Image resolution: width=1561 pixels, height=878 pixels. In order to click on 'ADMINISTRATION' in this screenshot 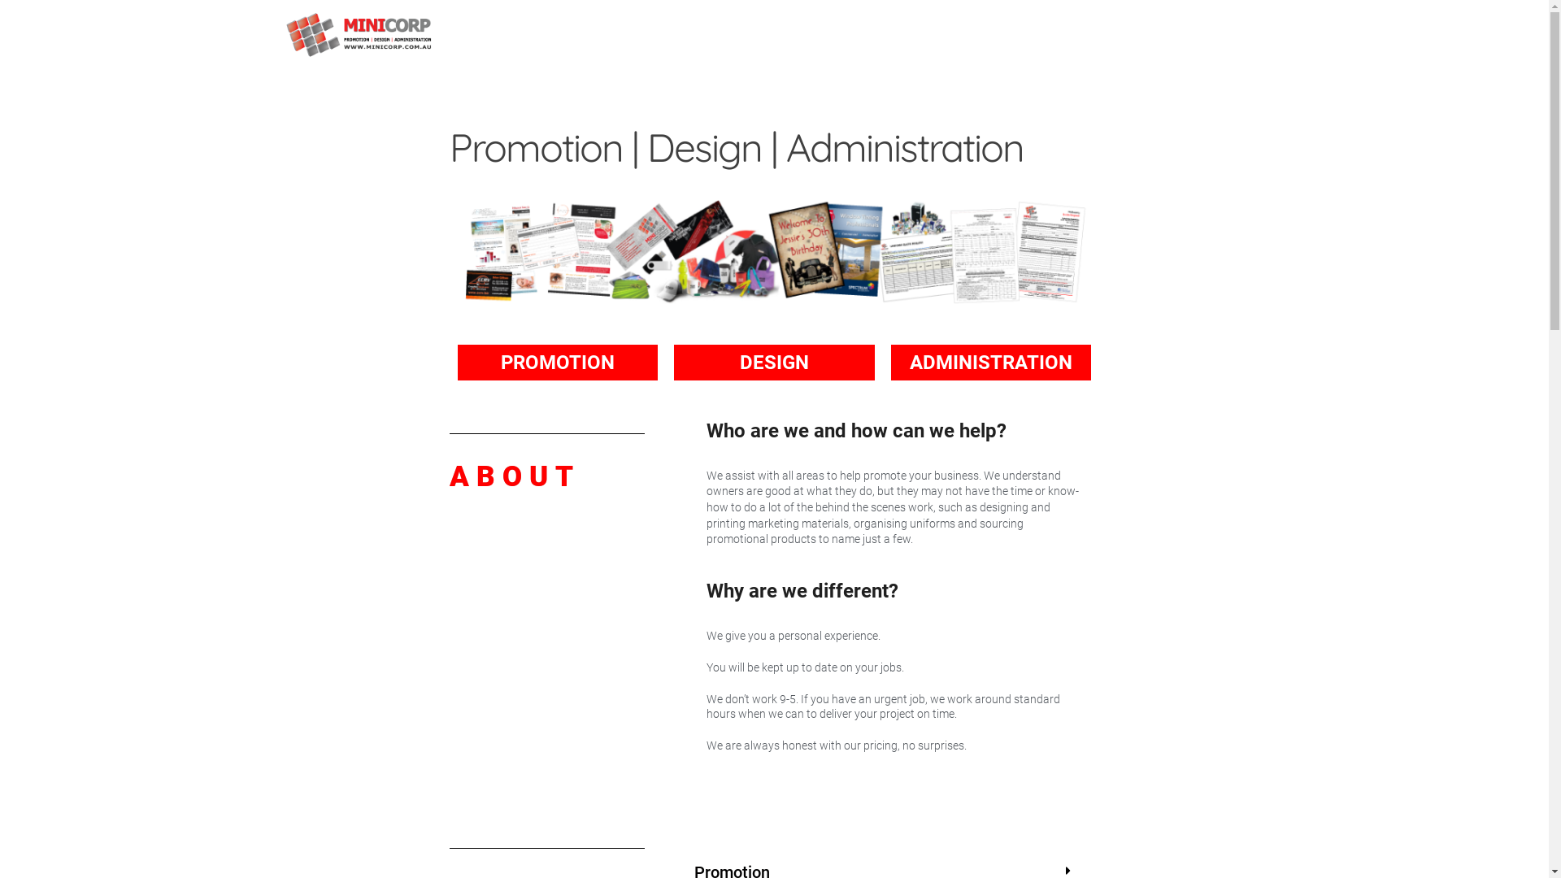, I will do `click(990, 362)`.